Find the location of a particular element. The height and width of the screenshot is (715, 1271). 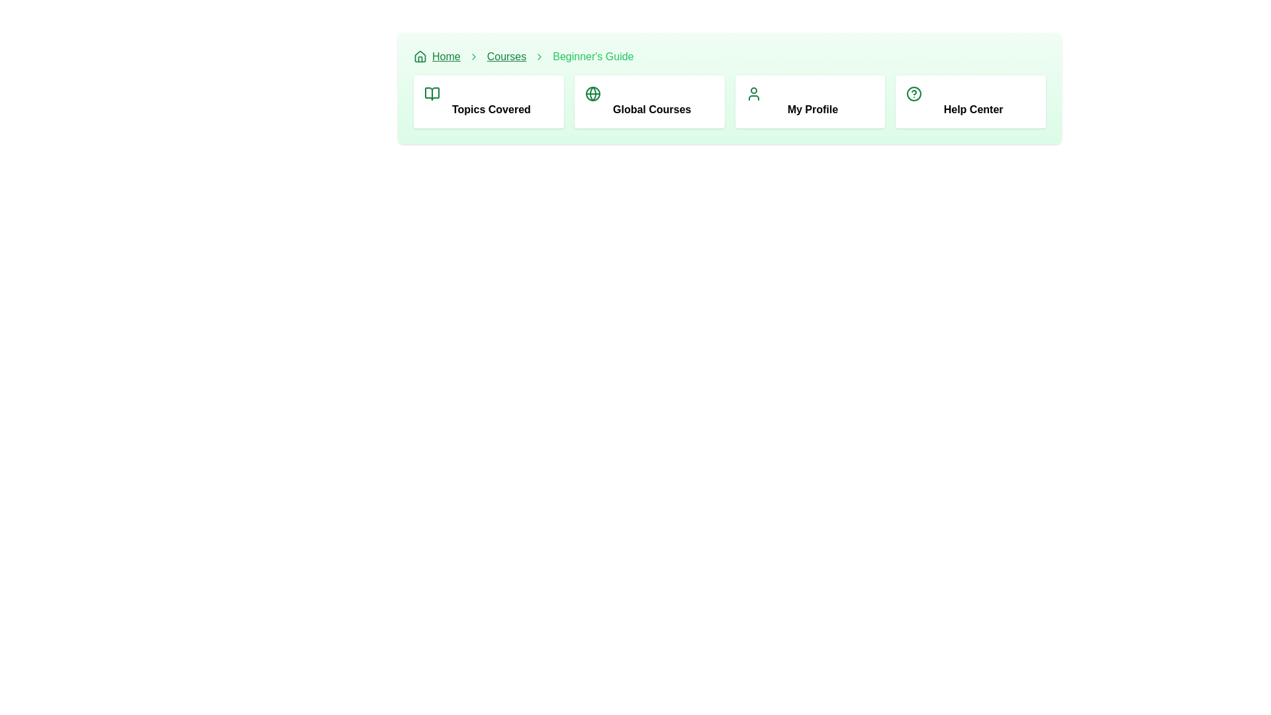

the 'Home' icon located to the left of the breadcrumb navigation text is located at coordinates (419, 55).